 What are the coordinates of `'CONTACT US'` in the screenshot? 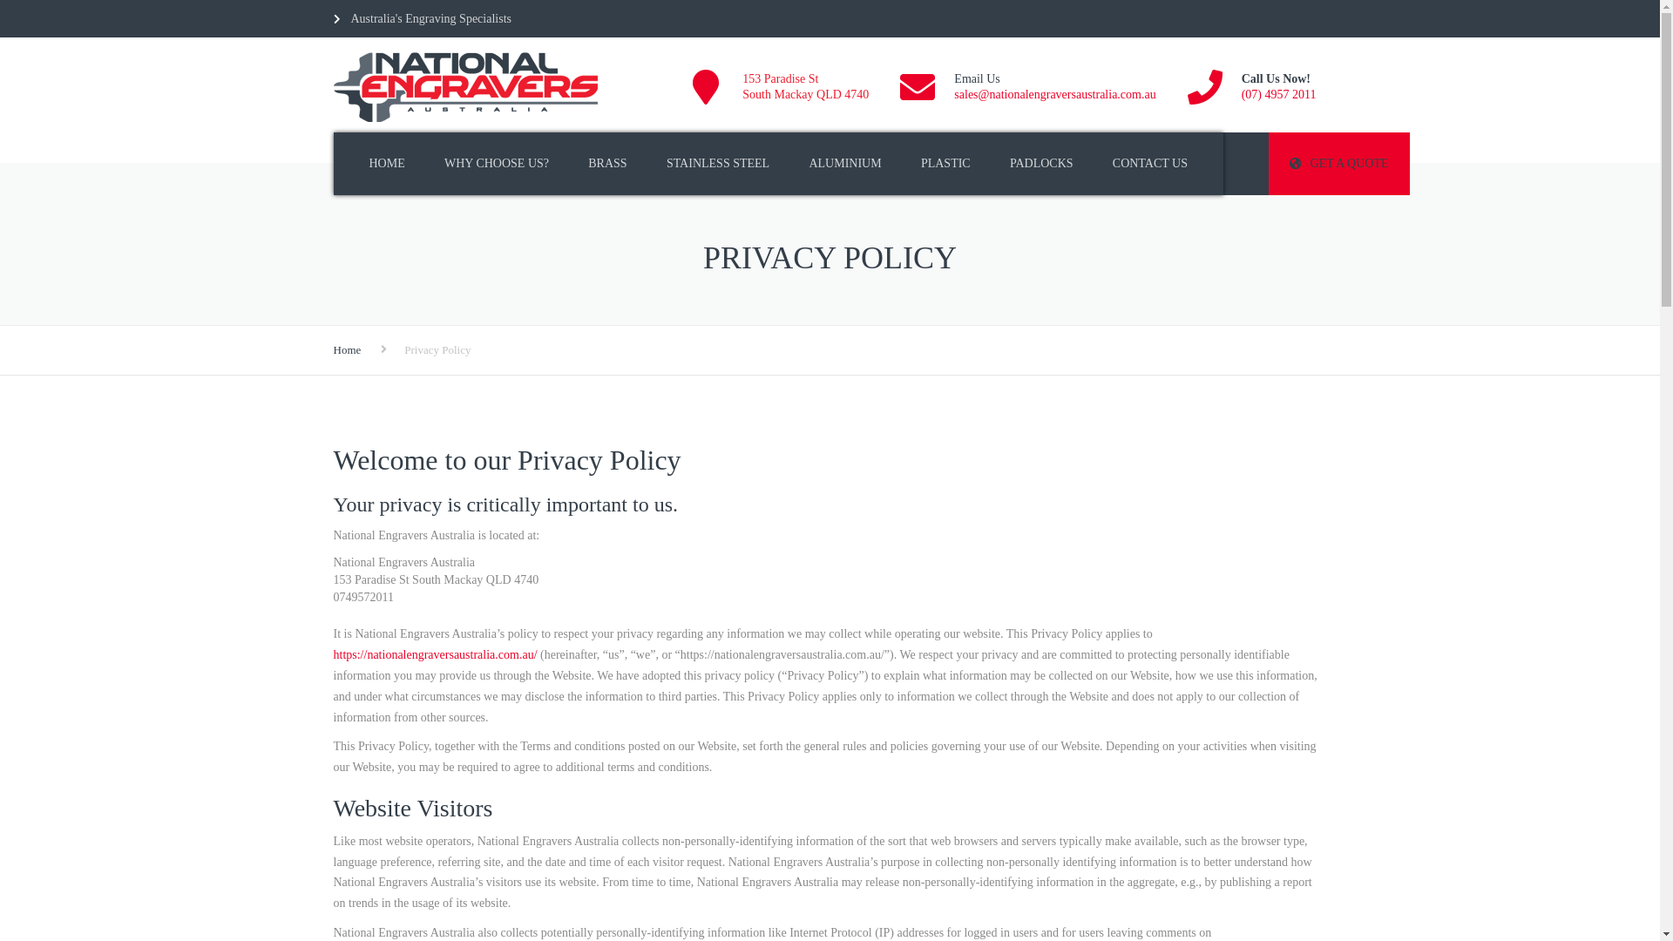 It's located at (1150, 164).